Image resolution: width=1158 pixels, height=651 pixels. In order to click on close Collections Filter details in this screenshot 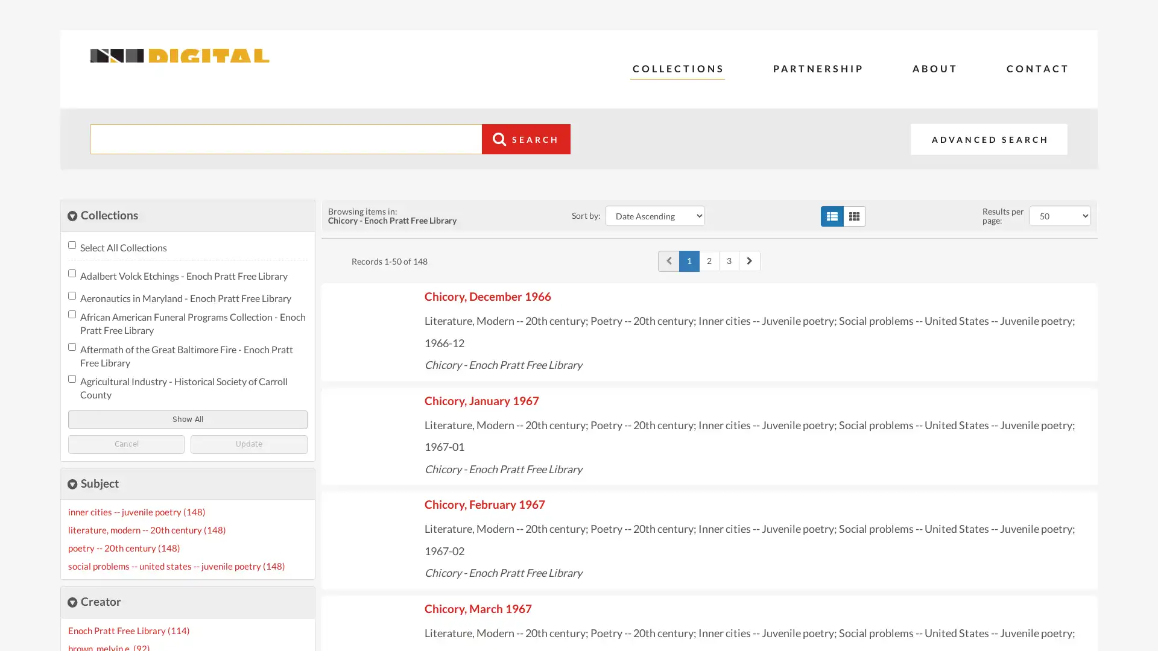, I will do `click(101, 214)`.